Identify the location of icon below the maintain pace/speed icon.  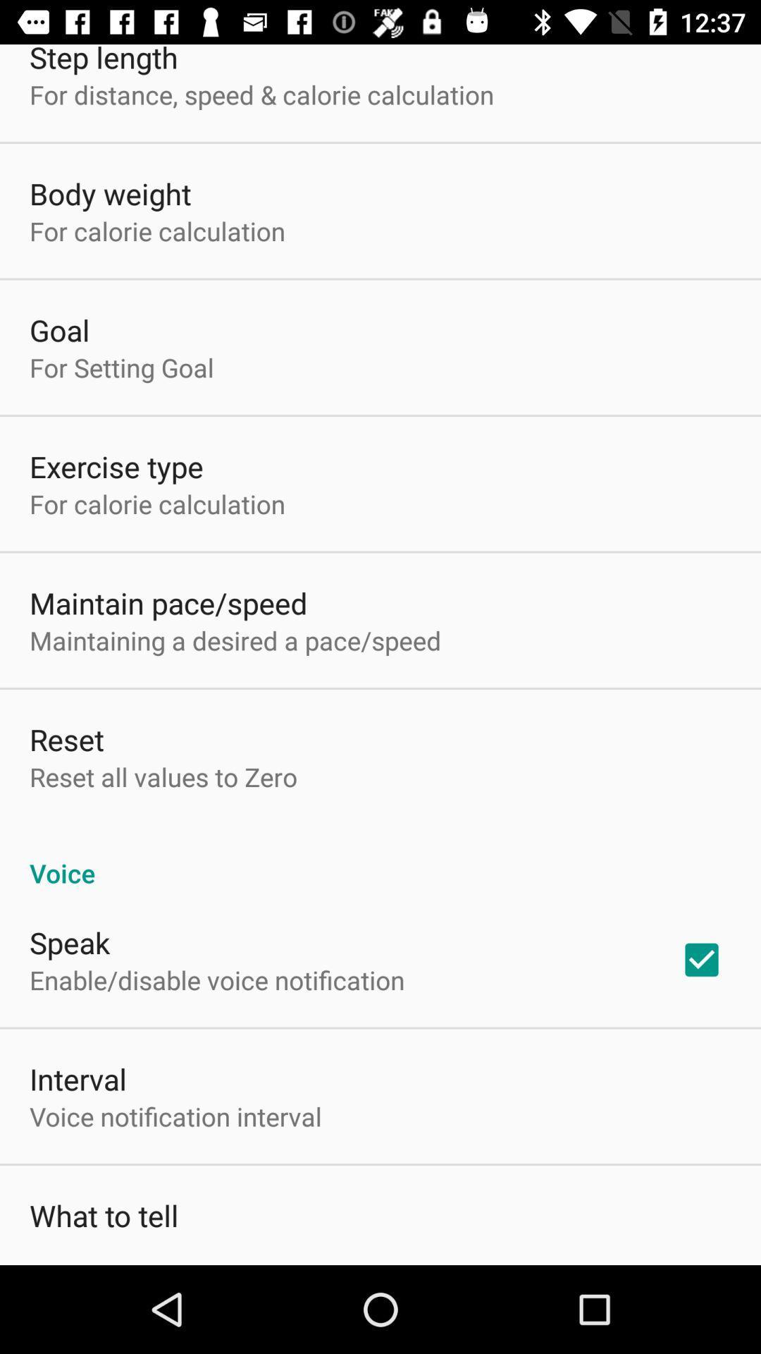
(235, 640).